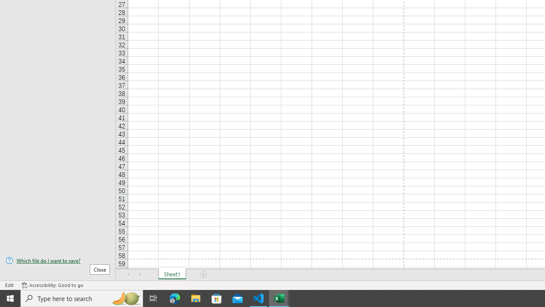  I want to click on 'Scroll Left', so click(128, 275).